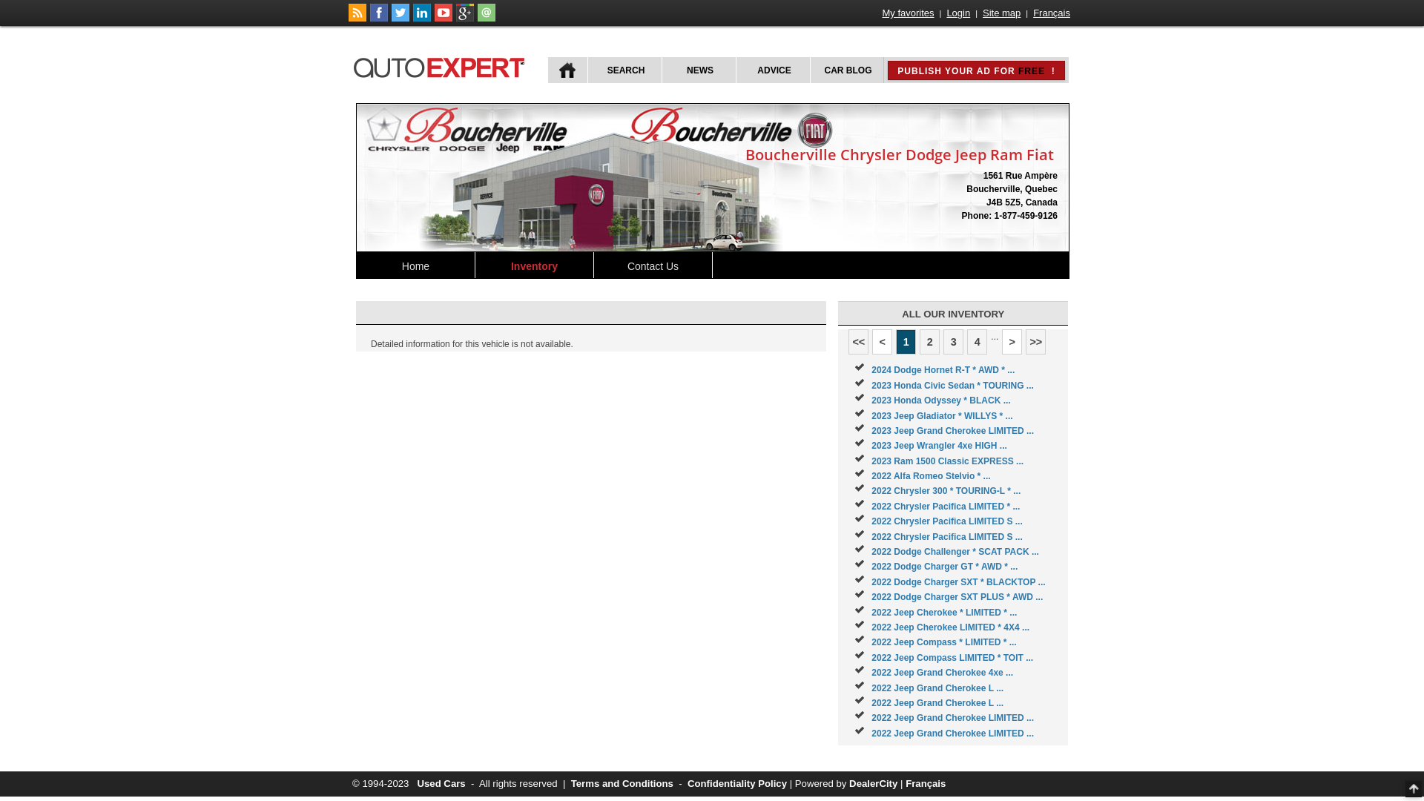  I want to click on 'CAR BLOG', so click(808, 70).